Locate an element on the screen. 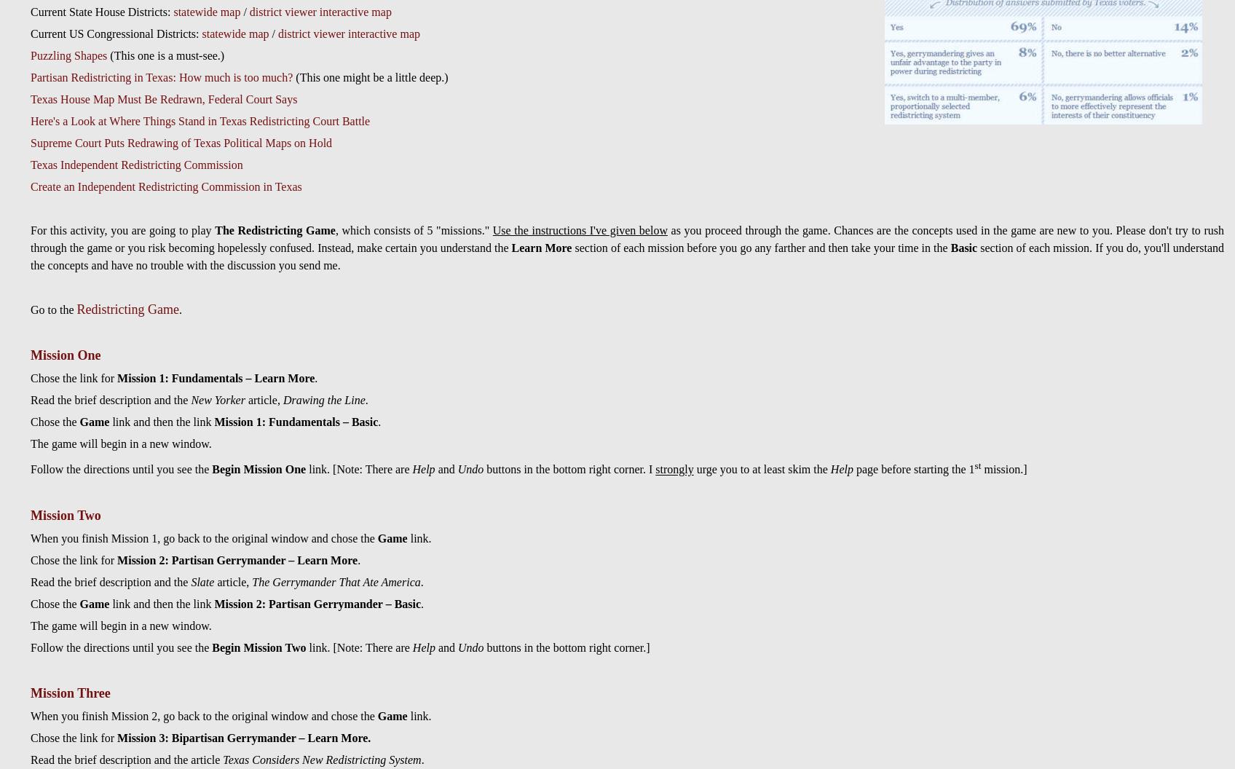 This screenshot has height=769, width=1235. '(This one is a must-see.)' is located at coordinates (107, 55).